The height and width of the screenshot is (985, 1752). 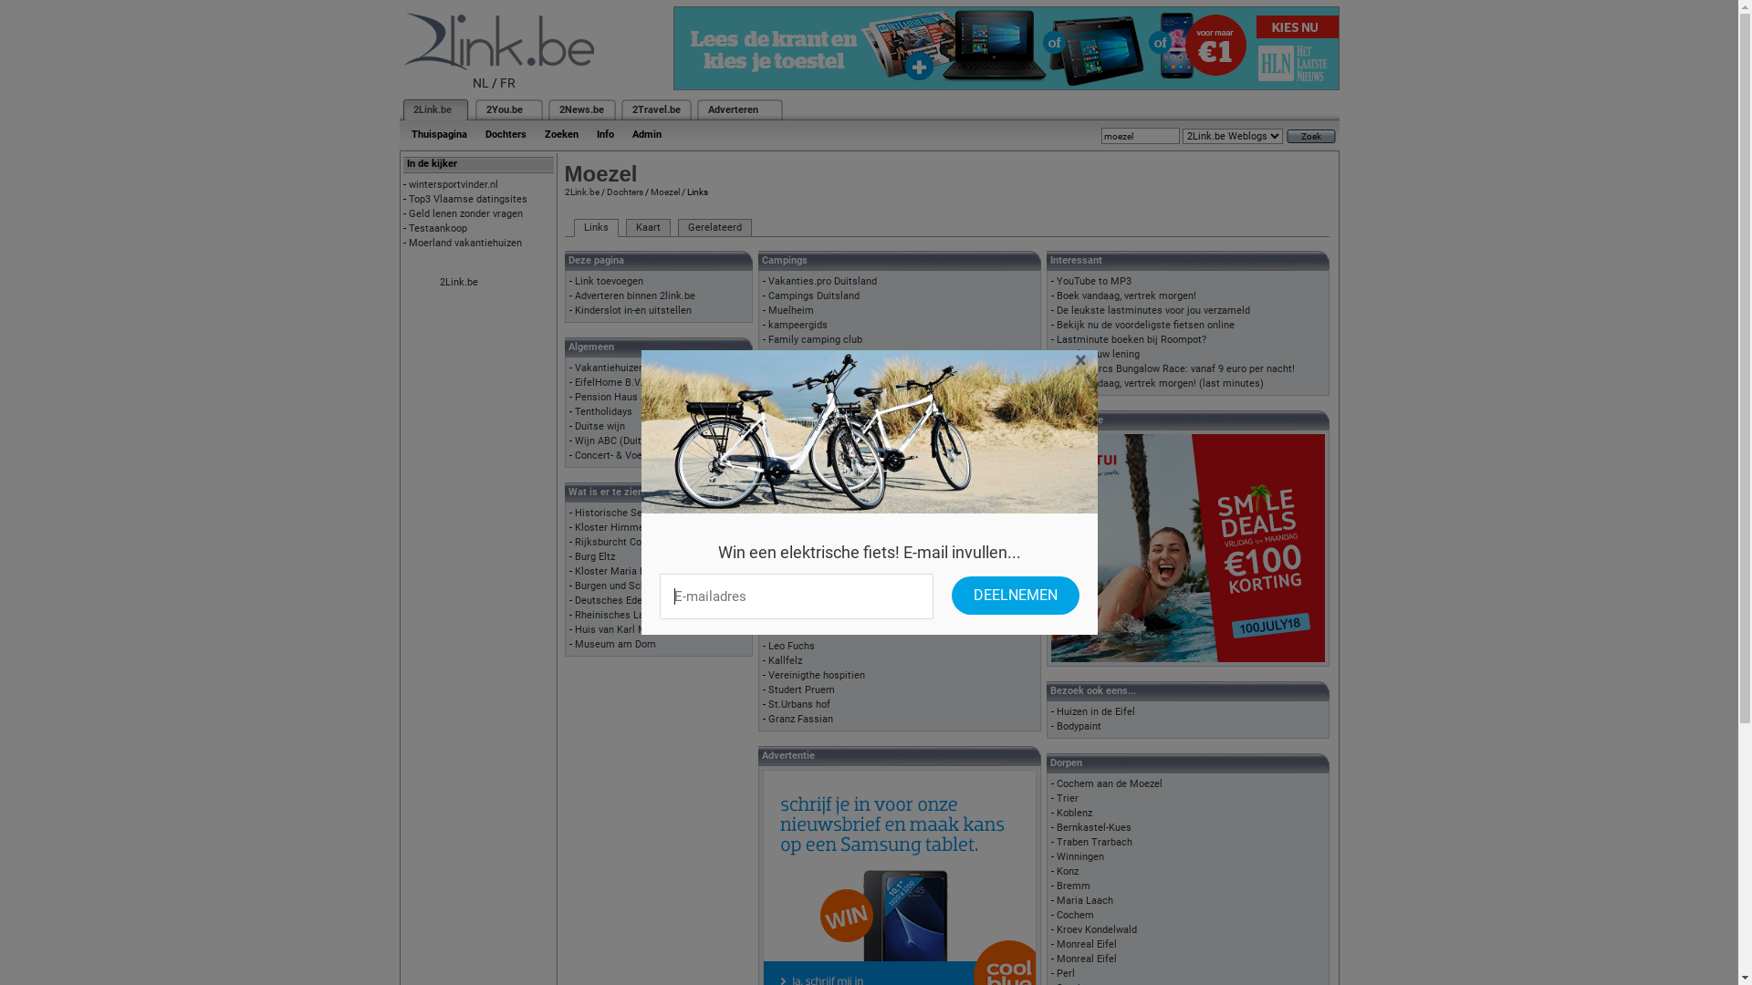 I want to click on 'Gerelateerd', so click(x=713, y=227).